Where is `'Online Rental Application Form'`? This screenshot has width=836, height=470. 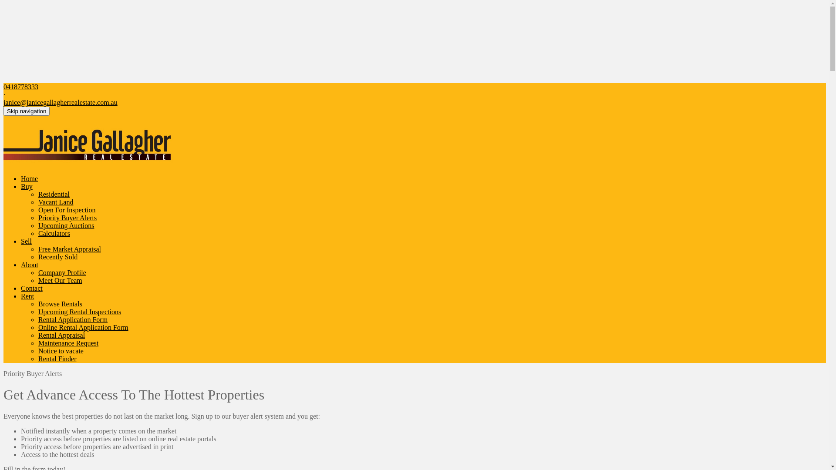
'Online Rental Application Form' is located at coordinates (83, 327).